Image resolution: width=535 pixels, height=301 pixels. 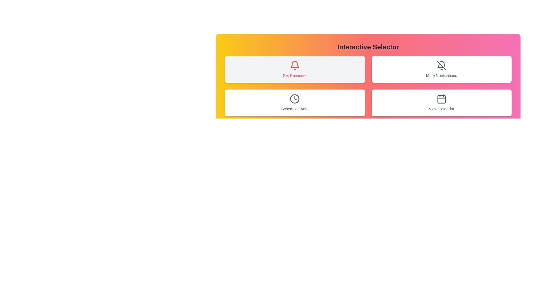 I want to click on the button corresponding to Schedule Event to select it, so click(x=295, y=103).